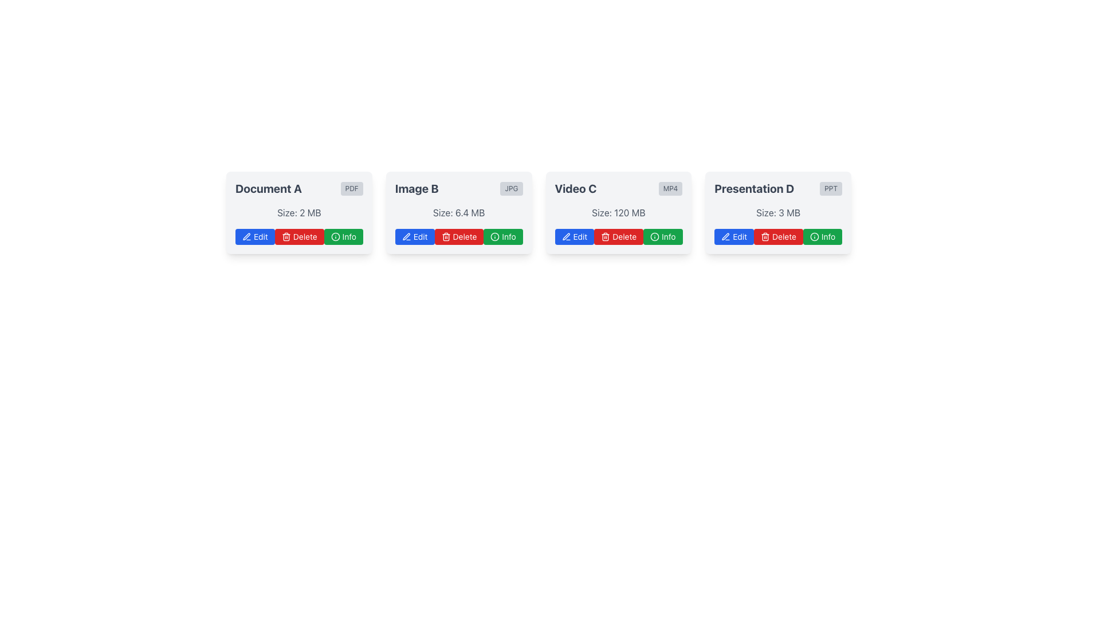  Describe the element at coordinates (459, 236) in the screenshot. I see `the 'Delete' button in the button group located at the bottom of the card labeled 'Image B'` at that location.